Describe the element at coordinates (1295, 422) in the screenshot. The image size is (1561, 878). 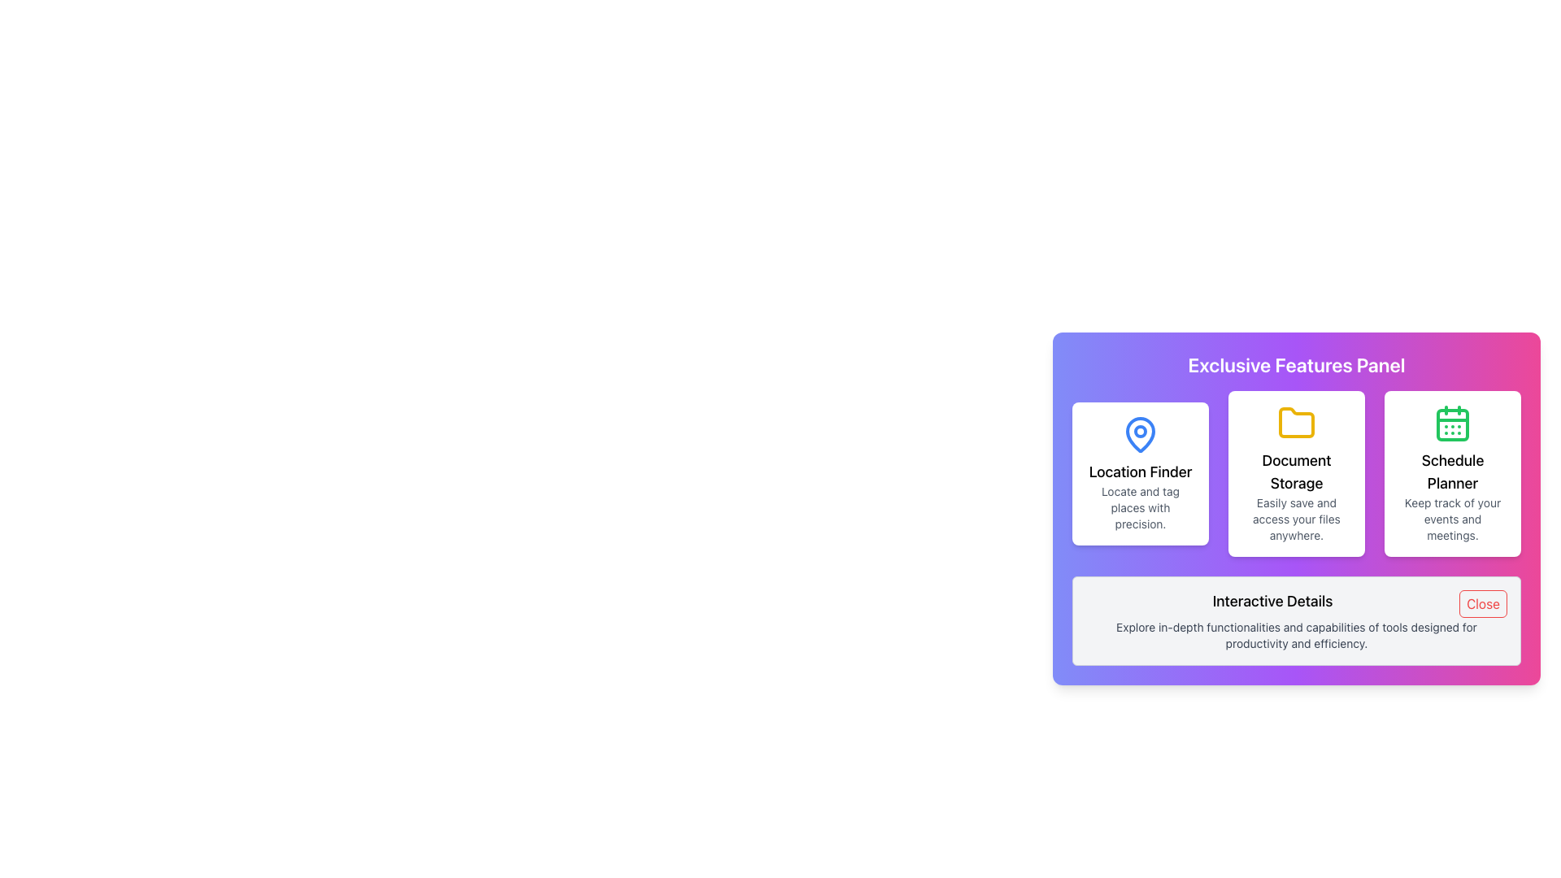
I see `the 'Document Storage' icon located at the top-left corner of the Document Storage section, which serves as a visual indicator for file management functionality` at that location.